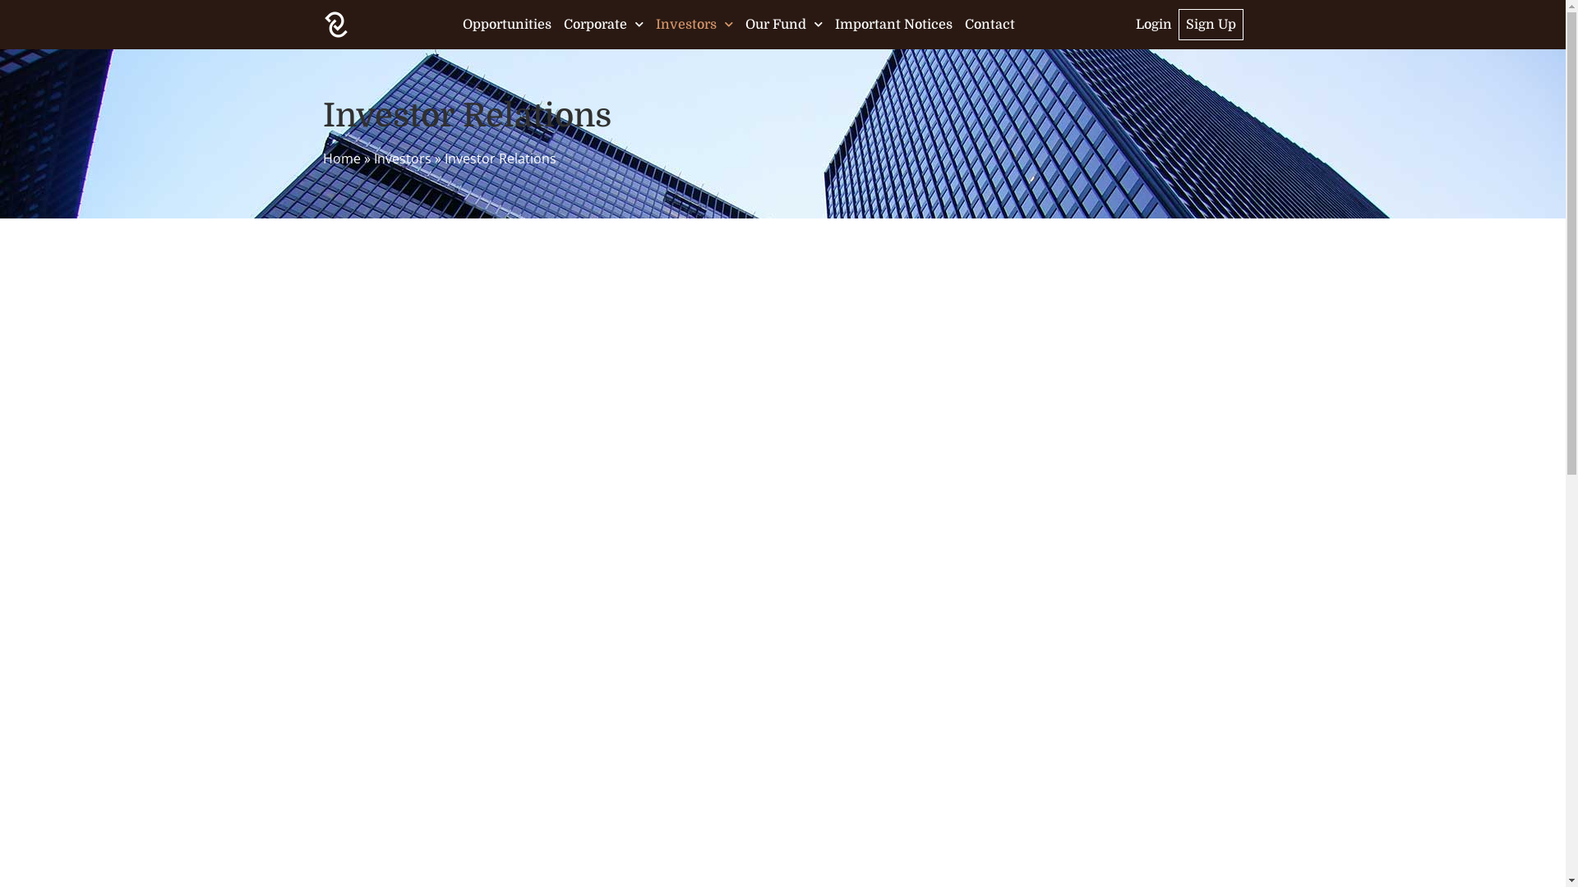  I want to click on 'Contact', so click(989, 25).